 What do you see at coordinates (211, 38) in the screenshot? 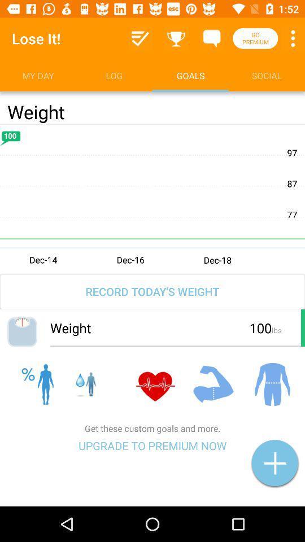
I see `send message` at bounding box center [211, 38].